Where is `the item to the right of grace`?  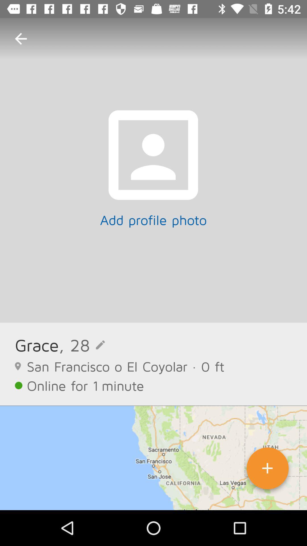 the item to the right of grace is located at coordinates (82, 345).